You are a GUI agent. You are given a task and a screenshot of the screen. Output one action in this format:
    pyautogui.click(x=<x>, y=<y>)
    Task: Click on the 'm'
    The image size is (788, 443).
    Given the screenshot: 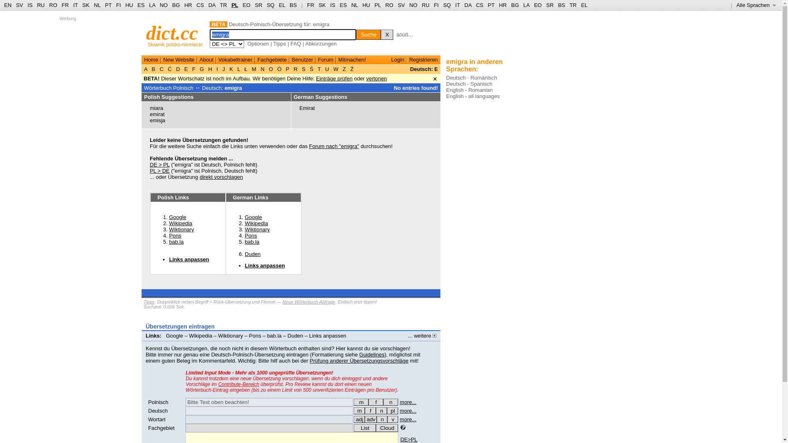 What is the action you would take?
    pyautogui.click(x=361, y=402)
    